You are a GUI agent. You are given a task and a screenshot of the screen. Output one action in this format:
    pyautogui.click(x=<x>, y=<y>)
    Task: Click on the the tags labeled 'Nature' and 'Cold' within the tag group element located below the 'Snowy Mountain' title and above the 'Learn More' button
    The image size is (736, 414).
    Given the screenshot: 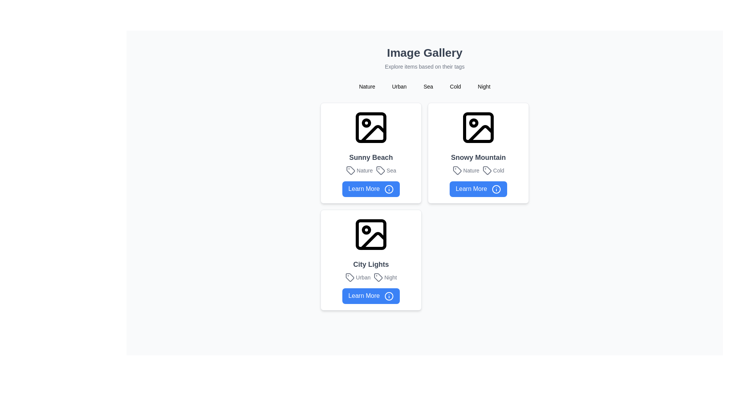 What is the action you would take?
    pyautogui.click(x=478, y=170)
    